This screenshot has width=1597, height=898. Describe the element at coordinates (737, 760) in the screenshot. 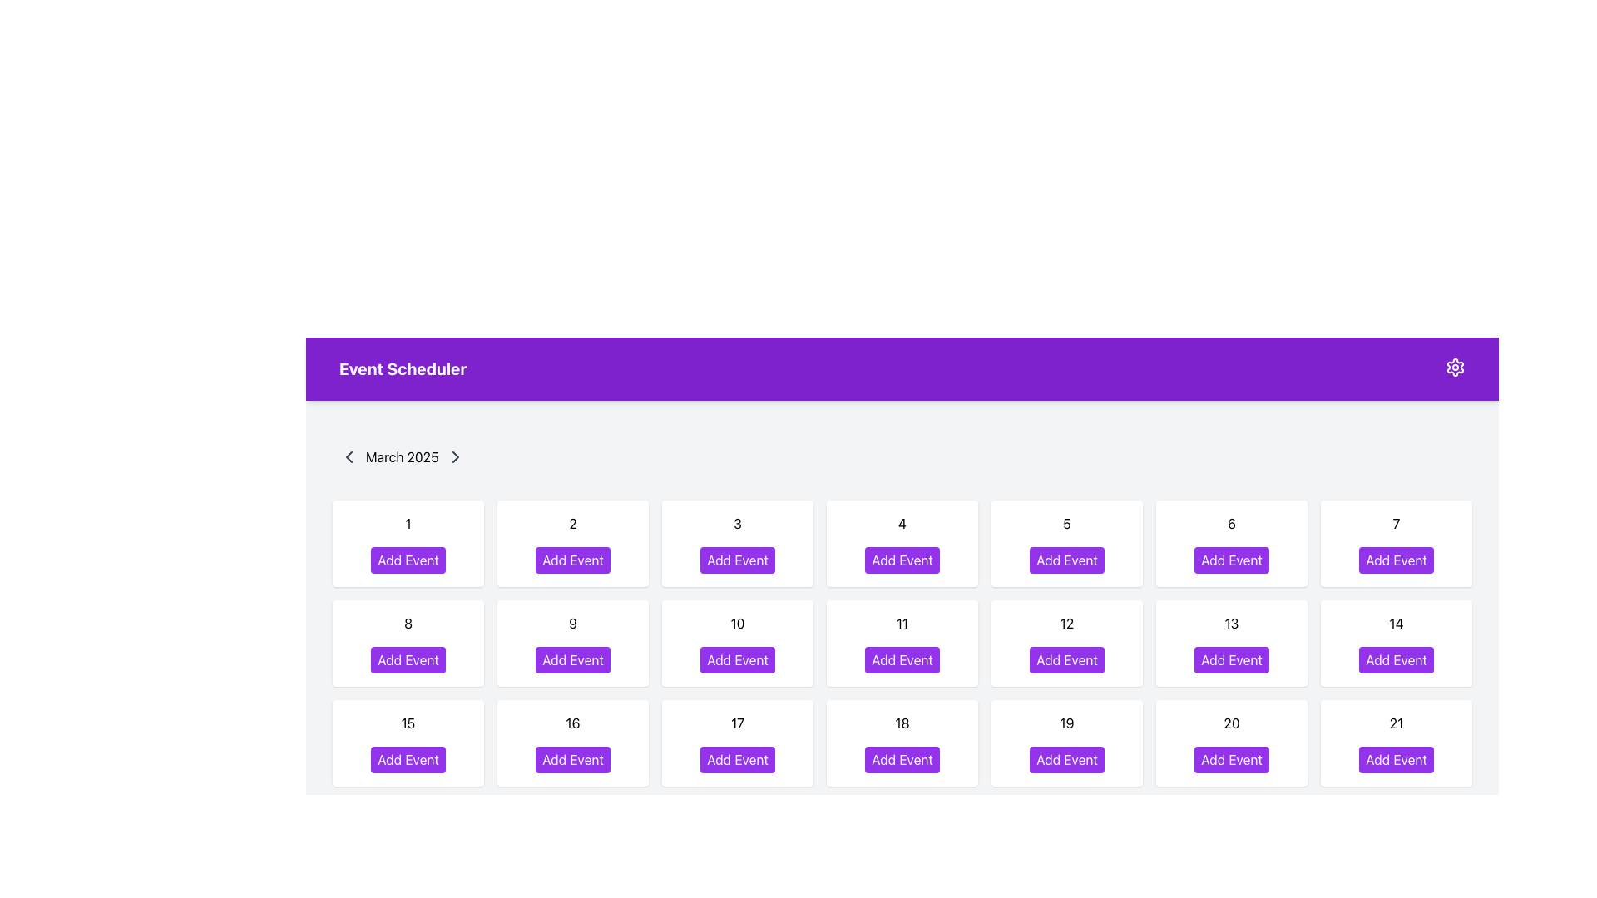

I see `the 'Add Event' button, which is a rectangular button with white text on a purple background, located in the calendar view for day '17' of March 2025` at that location.